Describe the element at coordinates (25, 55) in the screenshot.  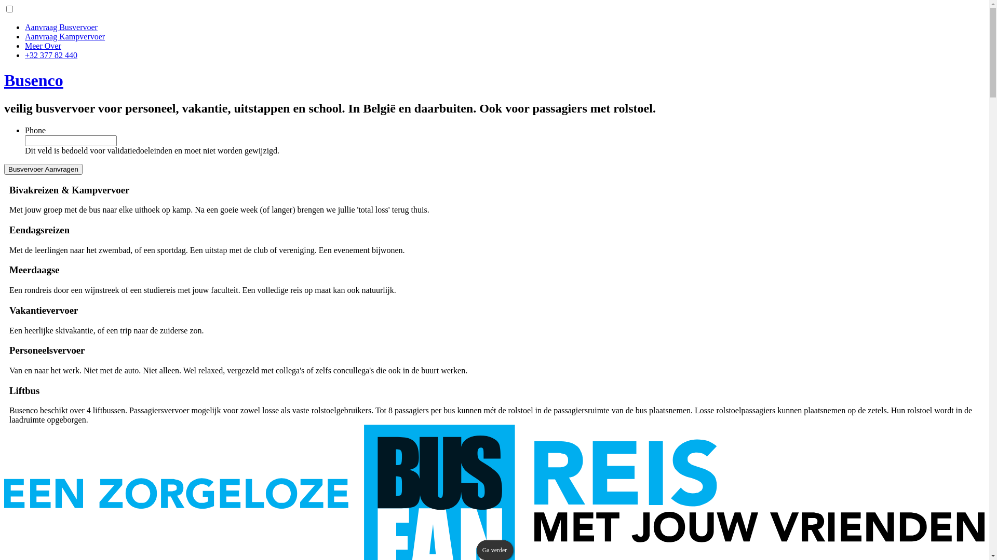
I see `'+32 377 82 440'` at that location.